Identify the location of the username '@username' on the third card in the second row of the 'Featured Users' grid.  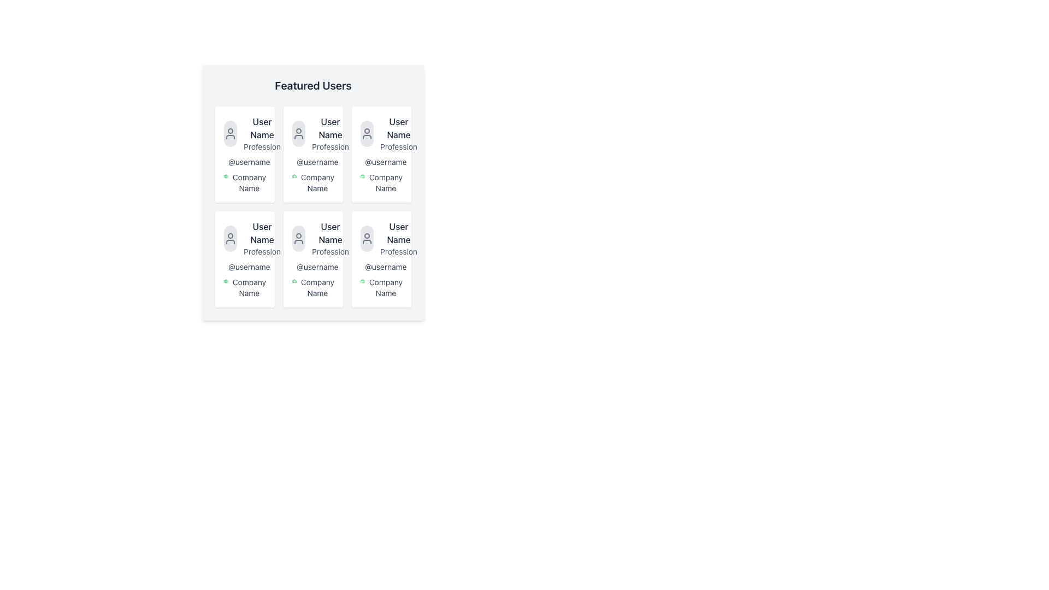
(381, 259).